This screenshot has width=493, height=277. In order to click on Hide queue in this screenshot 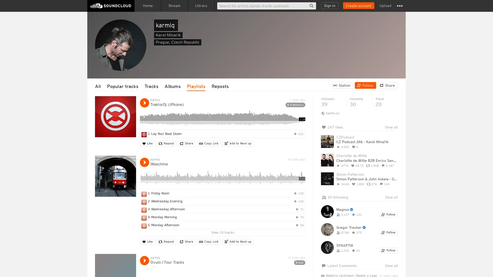, I will do `click(394, 140)`.